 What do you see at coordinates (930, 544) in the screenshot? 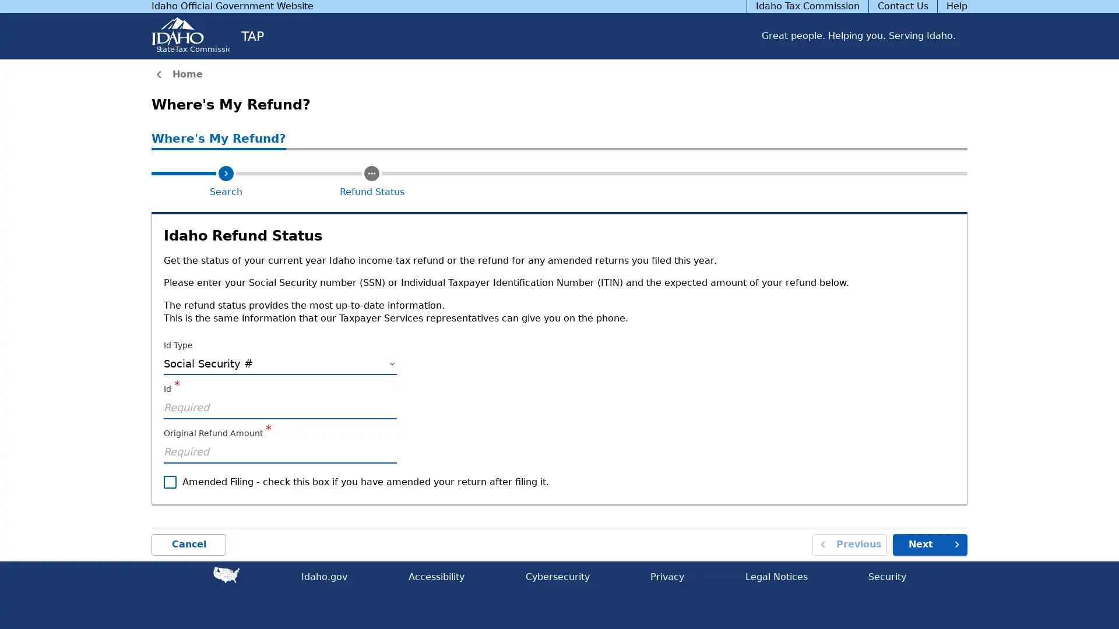
I see `Next` at bounding box center [930, 544].